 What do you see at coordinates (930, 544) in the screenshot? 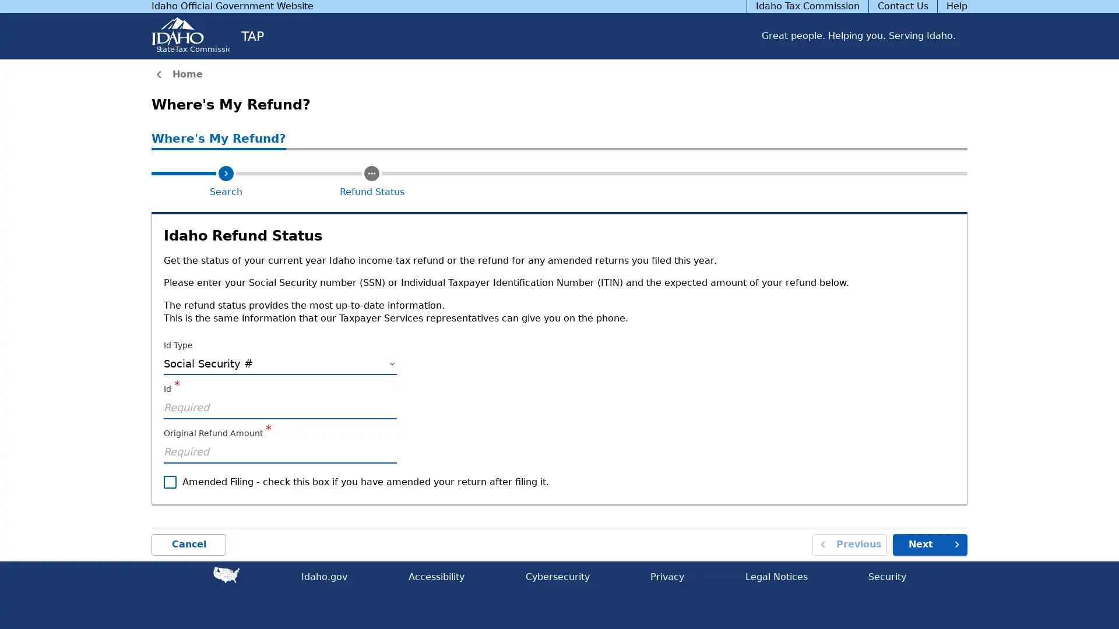
I see `Next` at bounding box center [930, 544].